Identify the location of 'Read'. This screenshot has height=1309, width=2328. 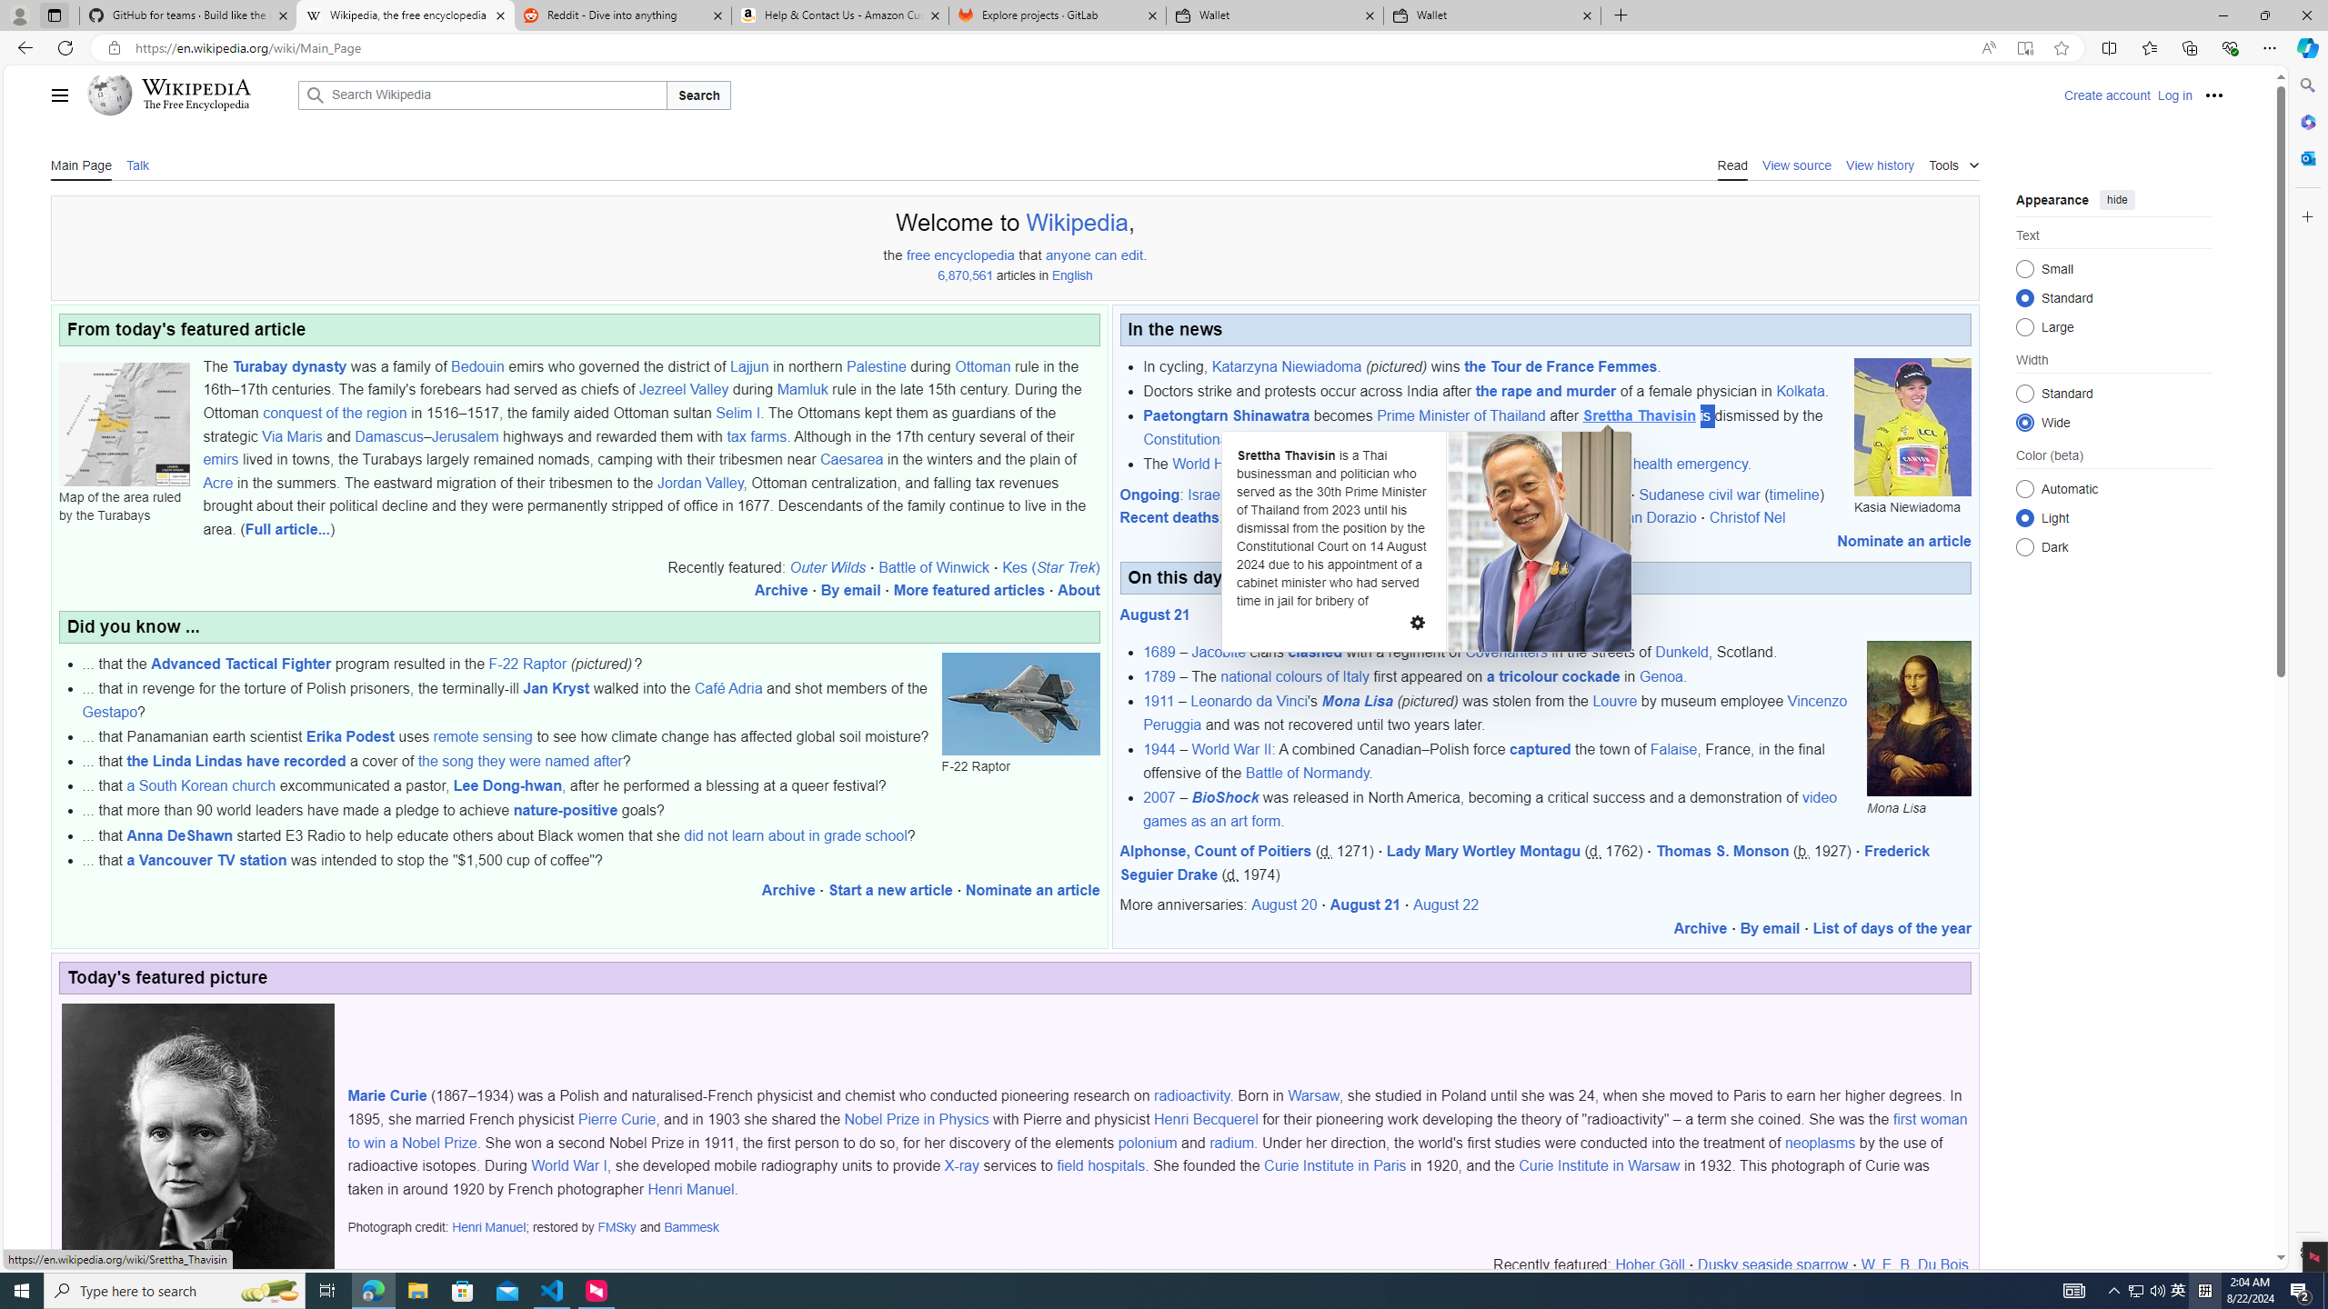
(1731, 164).